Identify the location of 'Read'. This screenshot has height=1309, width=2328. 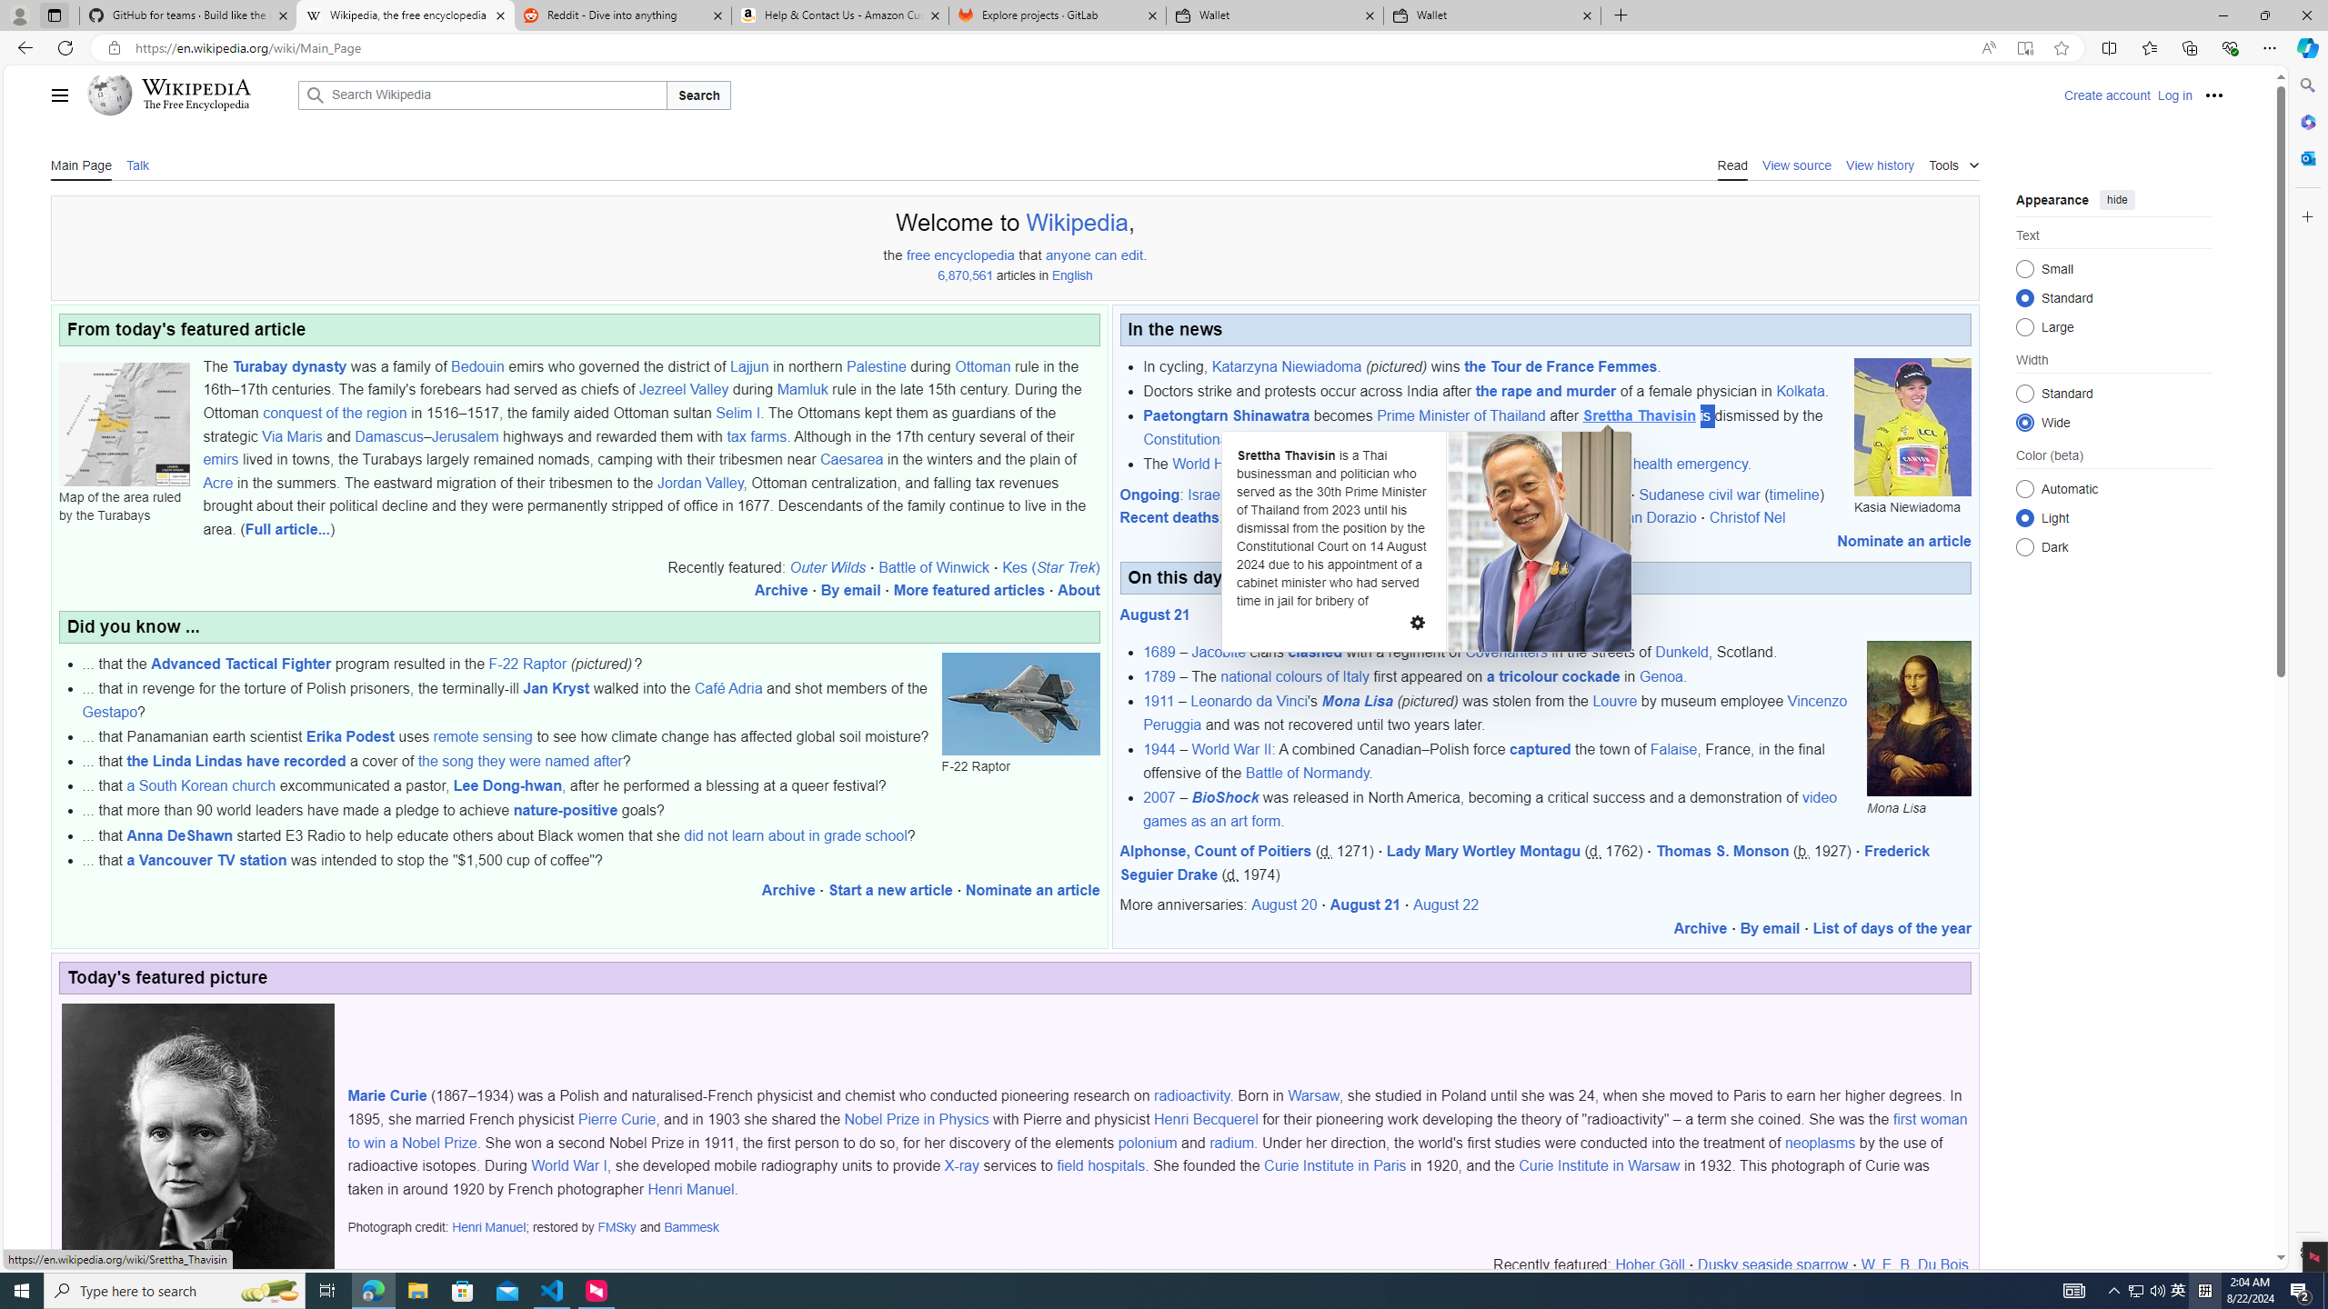
(1731, 164).